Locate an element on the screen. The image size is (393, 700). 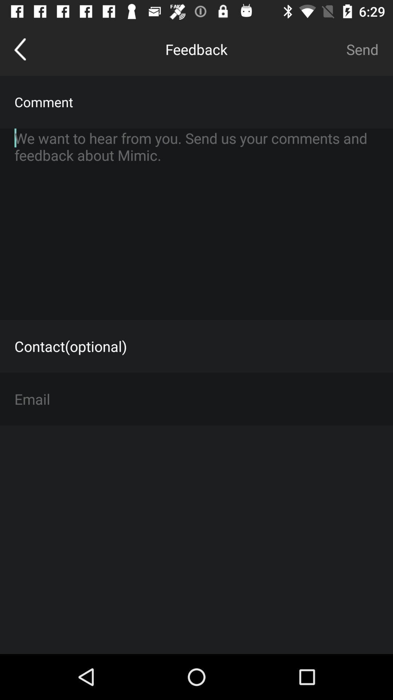
type comments in text box is located at coordinates (196, 223).